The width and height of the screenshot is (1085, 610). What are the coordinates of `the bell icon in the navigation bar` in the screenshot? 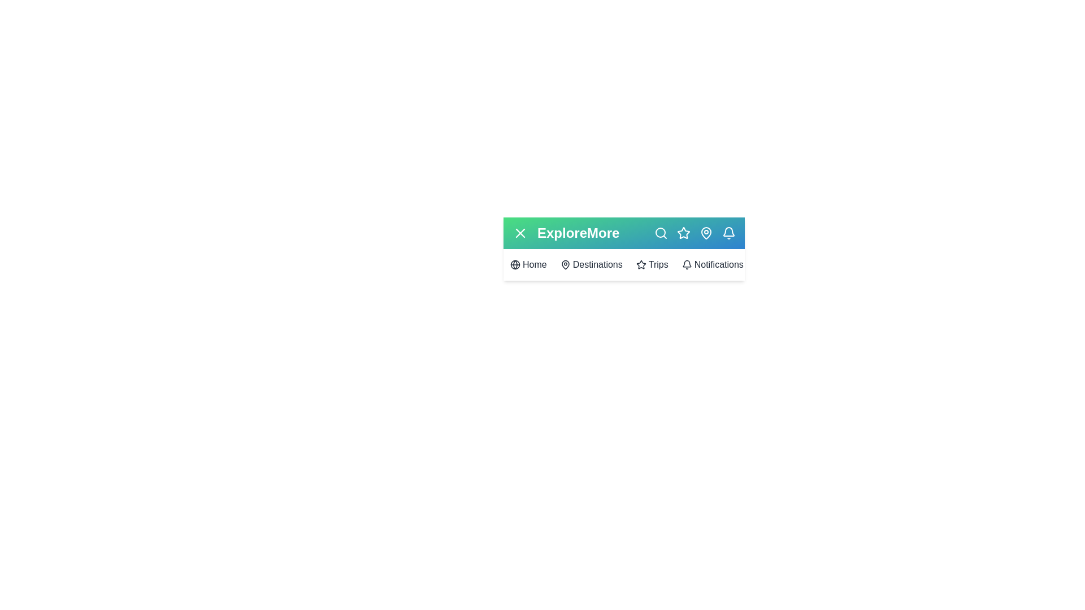 It's located at (729, 232).